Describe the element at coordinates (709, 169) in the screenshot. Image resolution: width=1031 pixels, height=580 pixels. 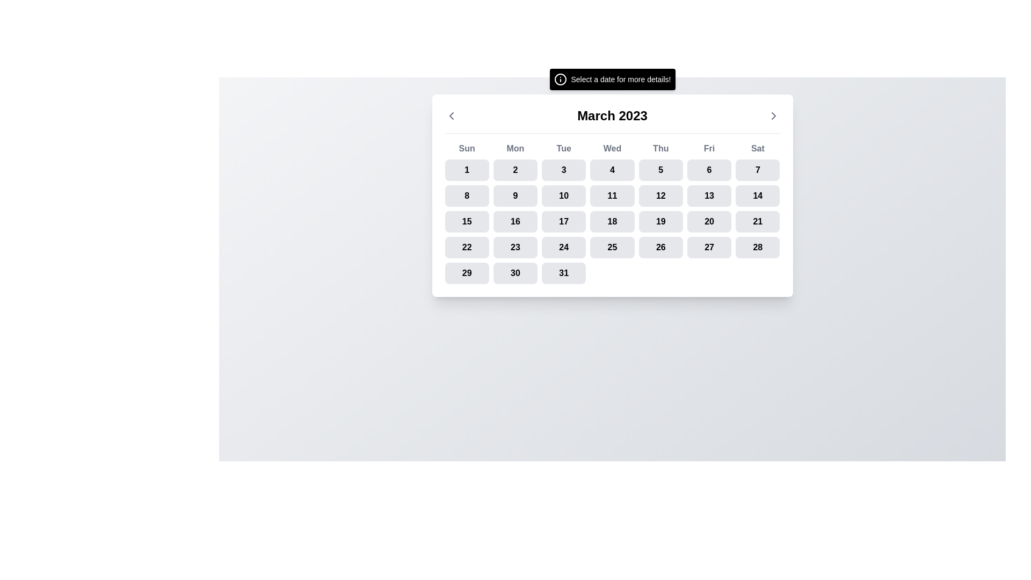
I see `the calendar date display showing the number '6' in black text, which is centered within a light gray rounded rectangle` at that location.